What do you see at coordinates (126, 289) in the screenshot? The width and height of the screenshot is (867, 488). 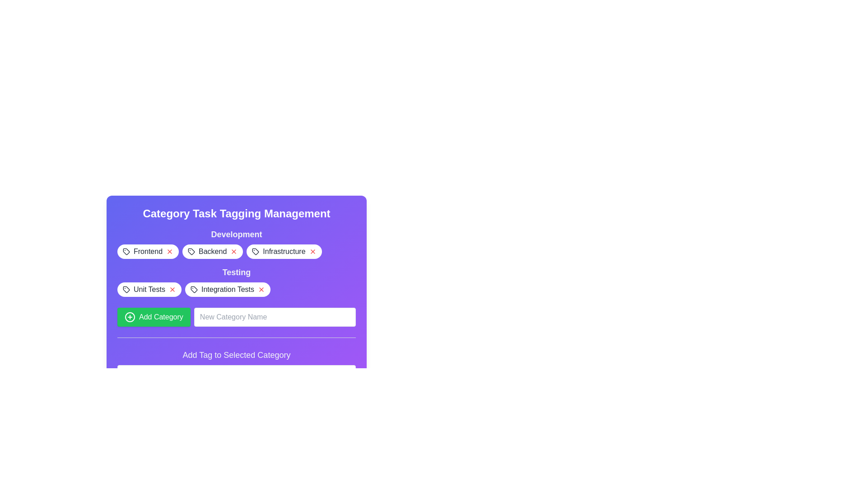 I see `the small tag-shaped icon representing the 'Unit Tests' tag, which is located under the 'Testing' section of the interface` at bounding box center [126, 289].